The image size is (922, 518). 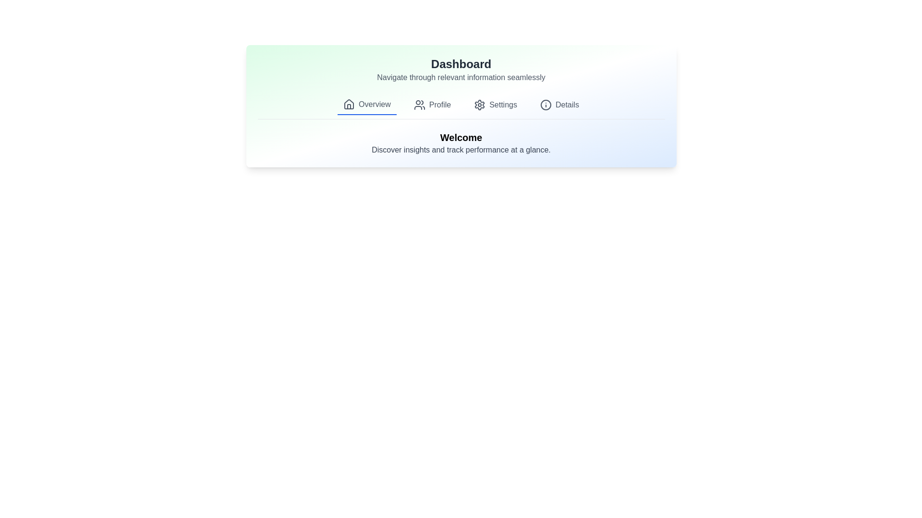 What do you see at coordinates (349, 105) in the screenshot?
I see `the 'Overview' section icon located at the top horizontal navigation bar, positioned to the left of the 'Profile' button` at bounding box center [349, 105].